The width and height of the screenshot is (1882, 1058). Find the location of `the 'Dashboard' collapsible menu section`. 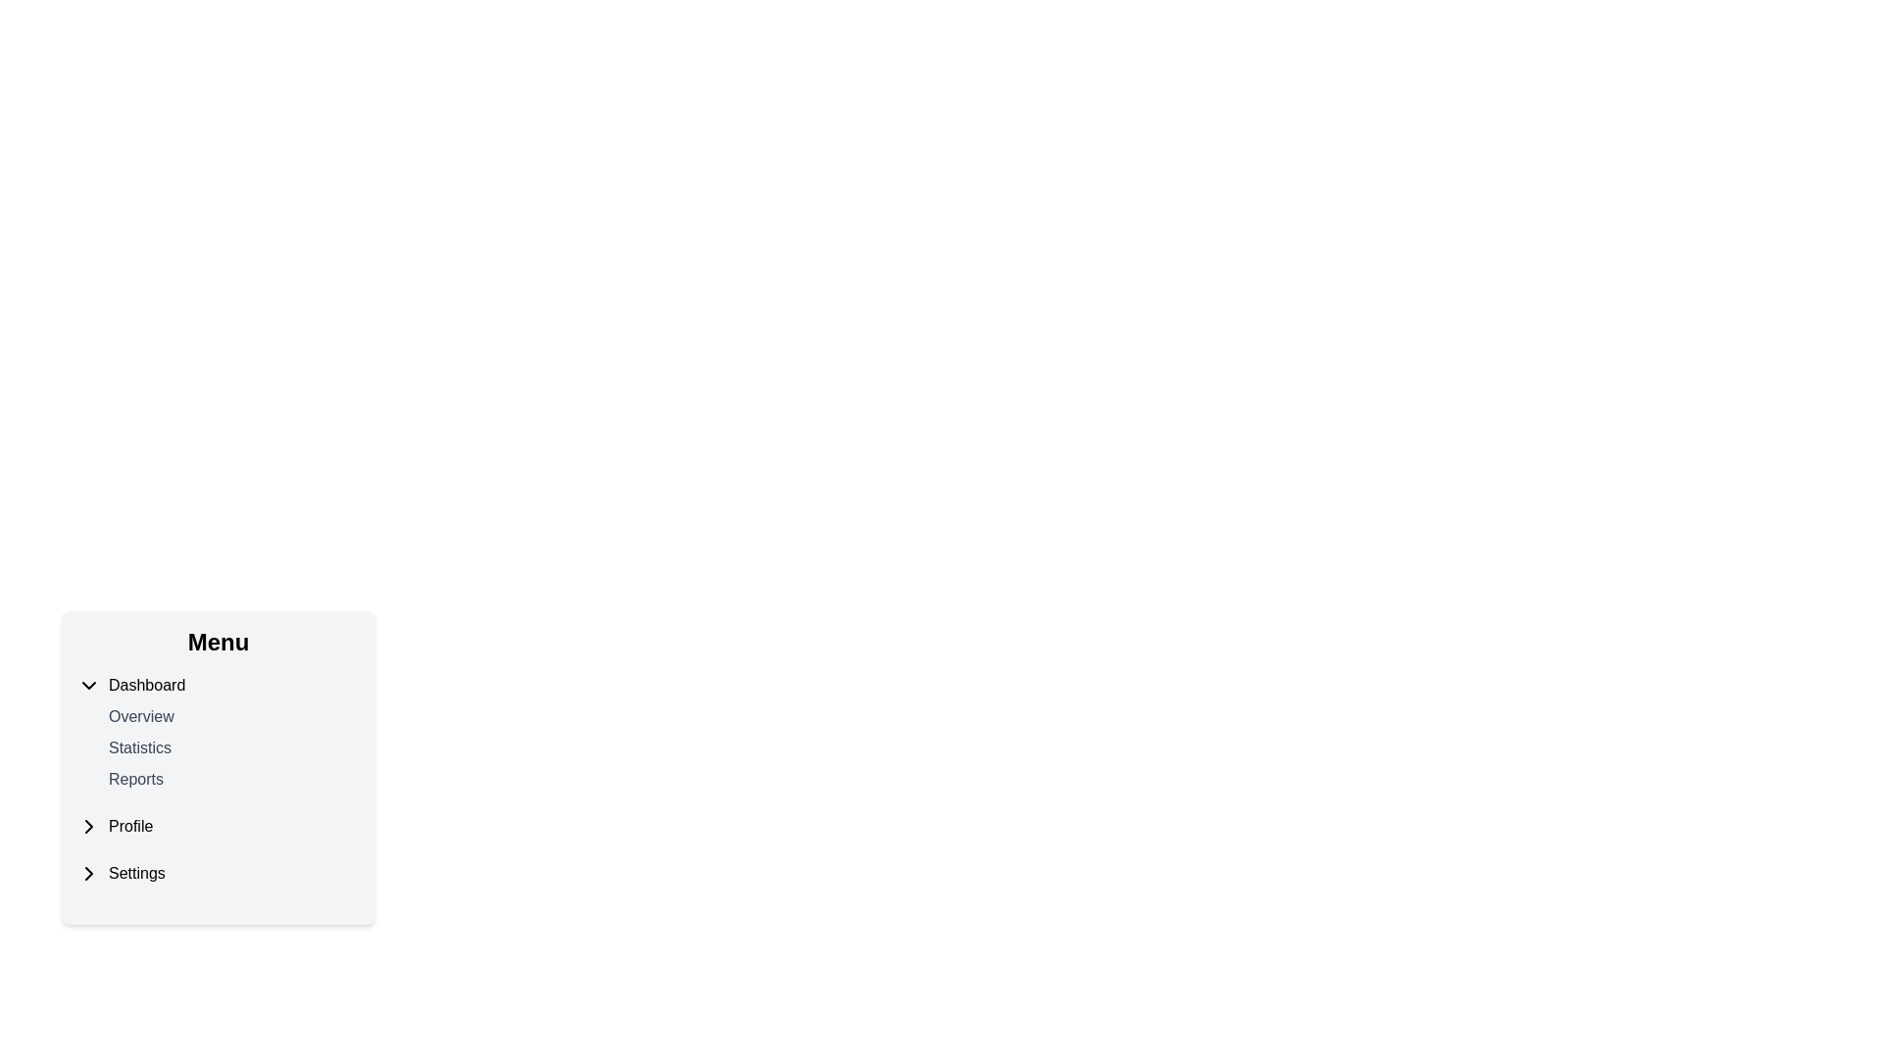

the 'Dashboard' collapsible menu section is located at coordinates (218, 733).